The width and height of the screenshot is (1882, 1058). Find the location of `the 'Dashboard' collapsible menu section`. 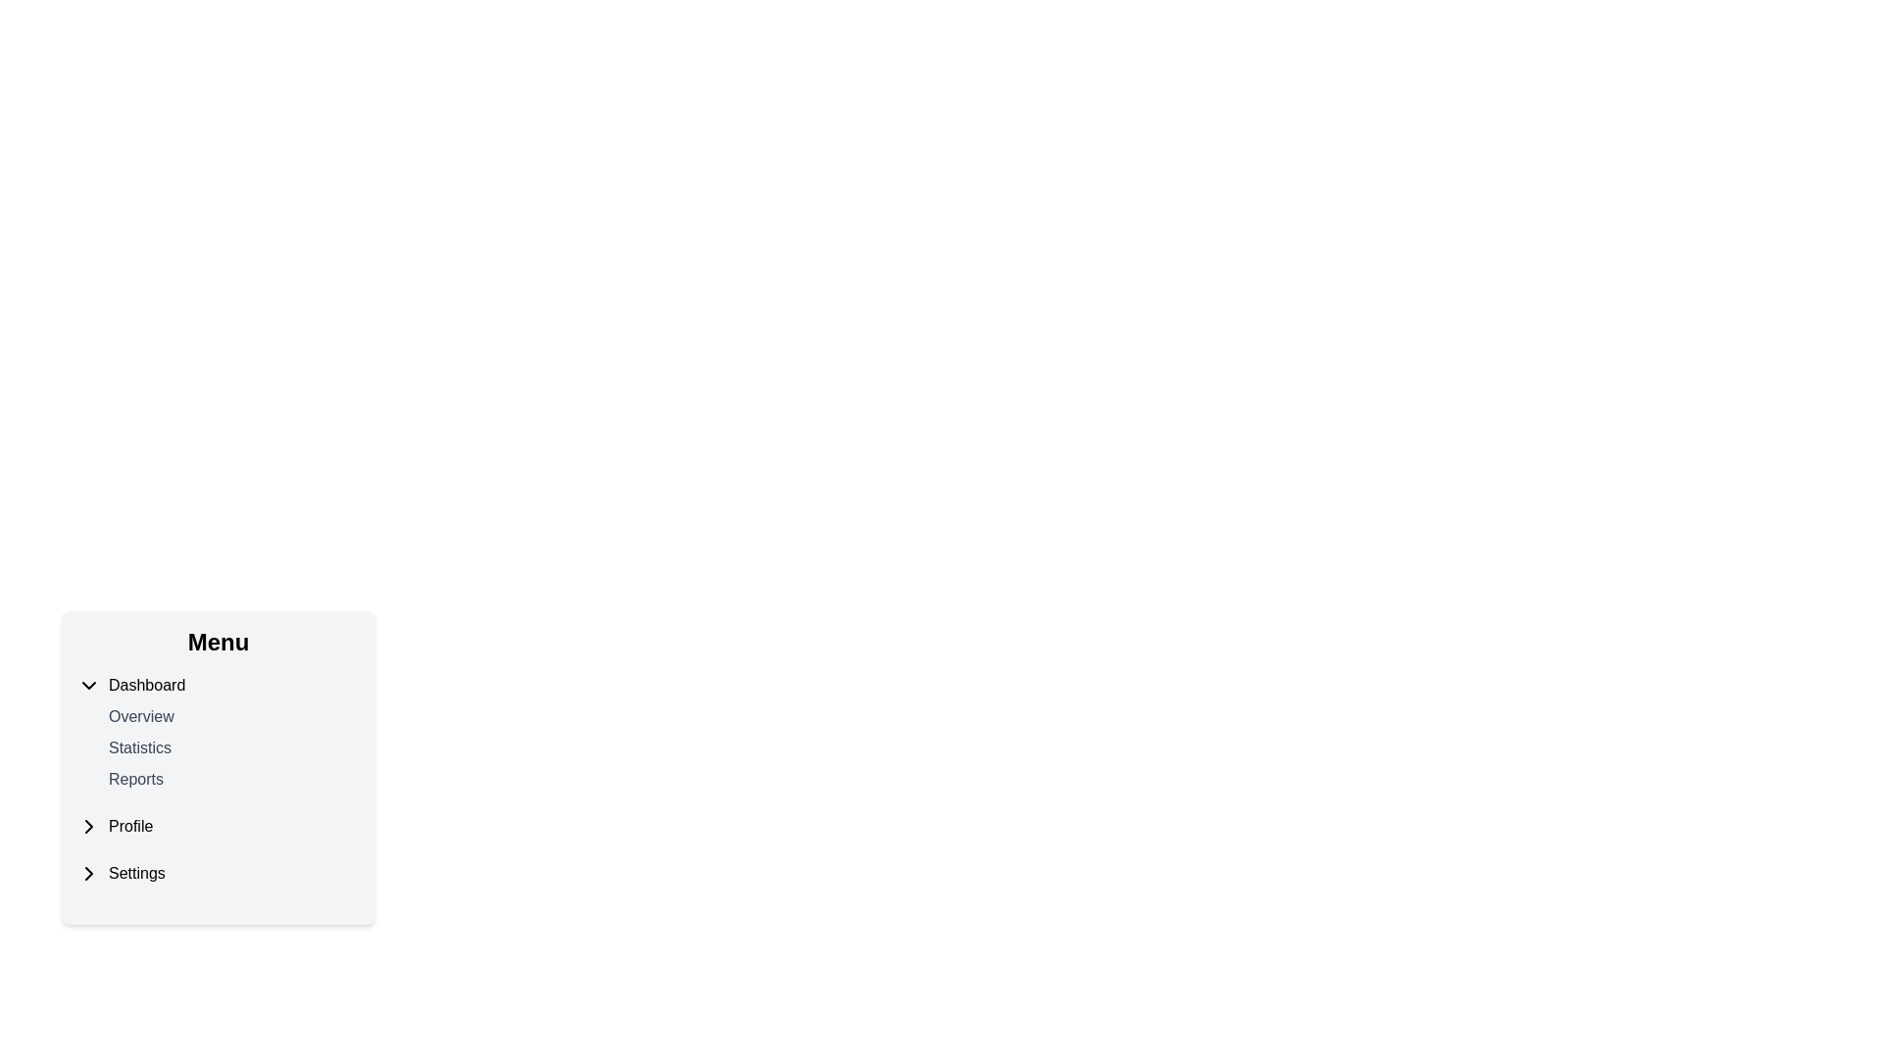

the 'Dashboard' collapsible menu section is located at coordinates (218, 733).